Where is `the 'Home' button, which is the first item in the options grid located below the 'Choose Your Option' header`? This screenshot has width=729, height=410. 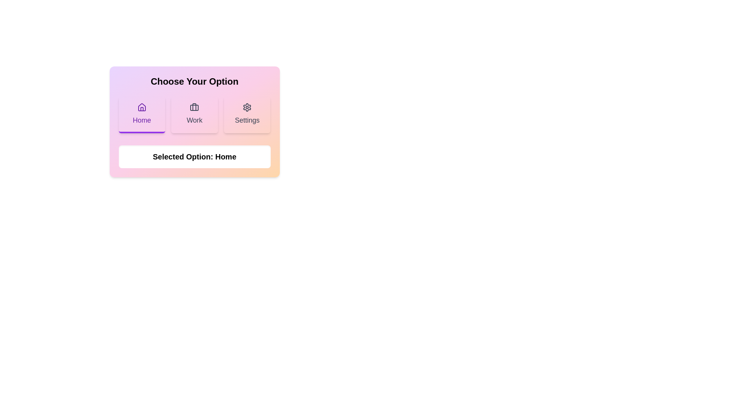 the 'Home' button, which is the first item in the options grid located below the 'Choose Your Option' header is located at coordinates (142, 115).